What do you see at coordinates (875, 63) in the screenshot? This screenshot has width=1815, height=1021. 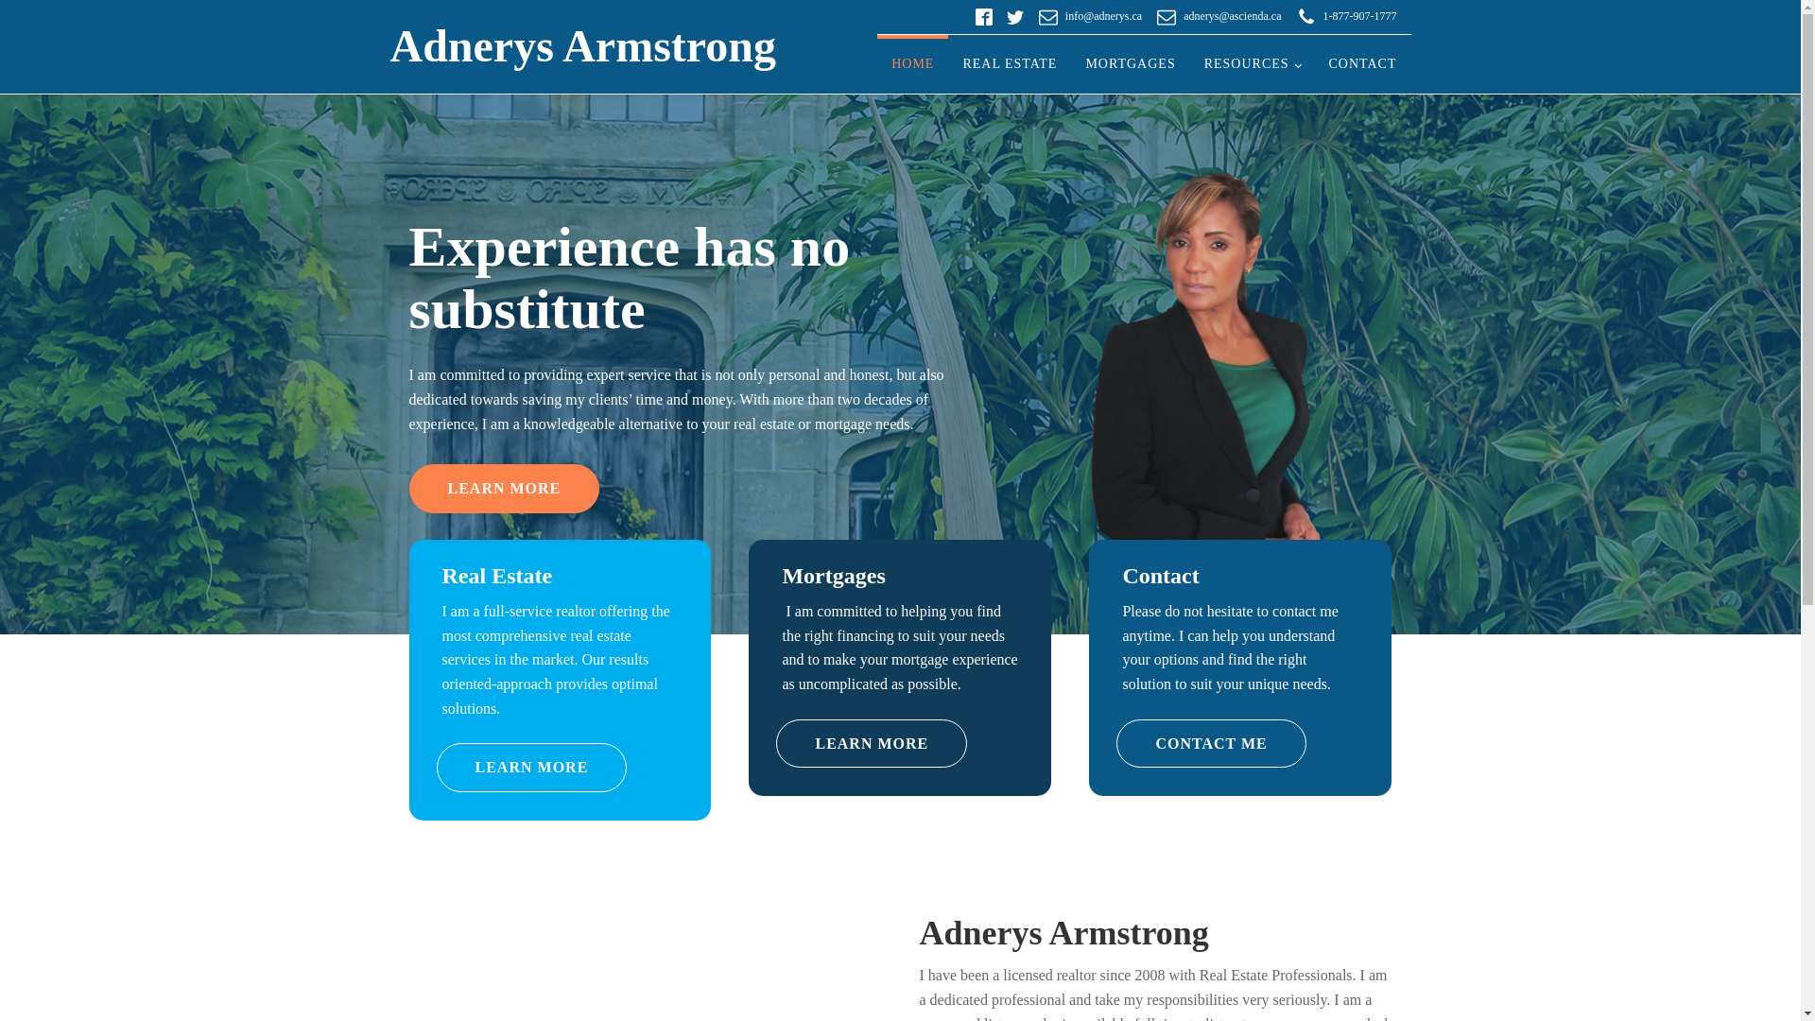 I see `'HOME'` at bounding box center [875, 63].